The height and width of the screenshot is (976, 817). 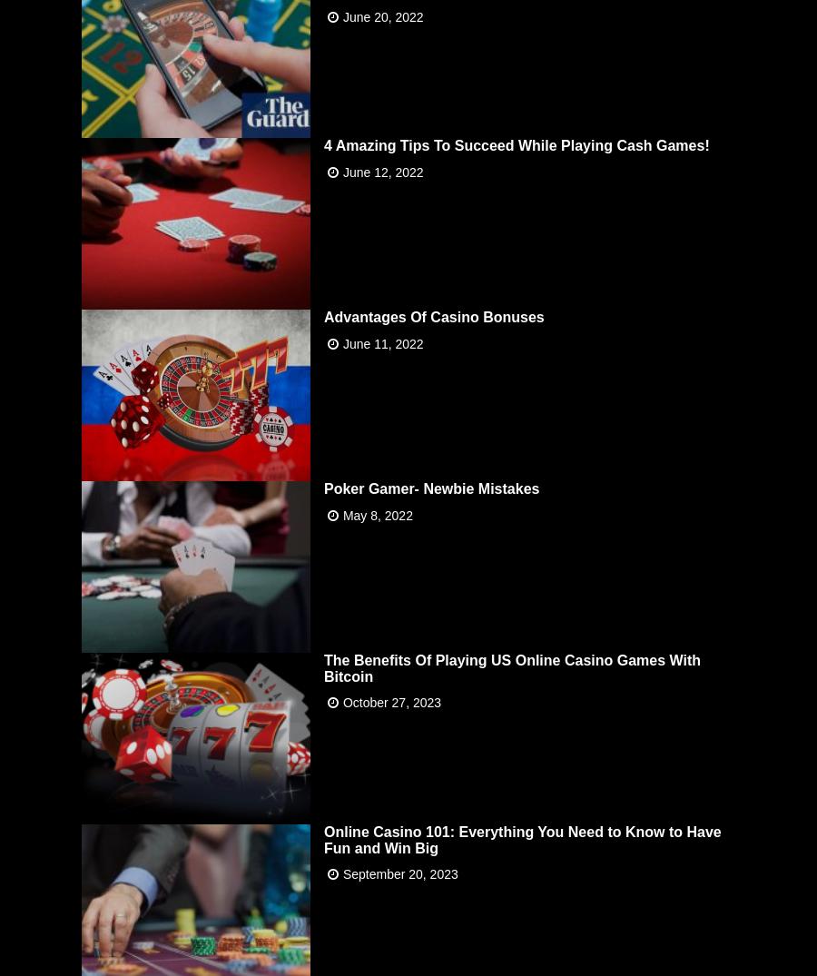 What do you see at coordinates (342, 171) in the screenshot?
I see `'June 12, 2022'` at bounding box center [342, 171].